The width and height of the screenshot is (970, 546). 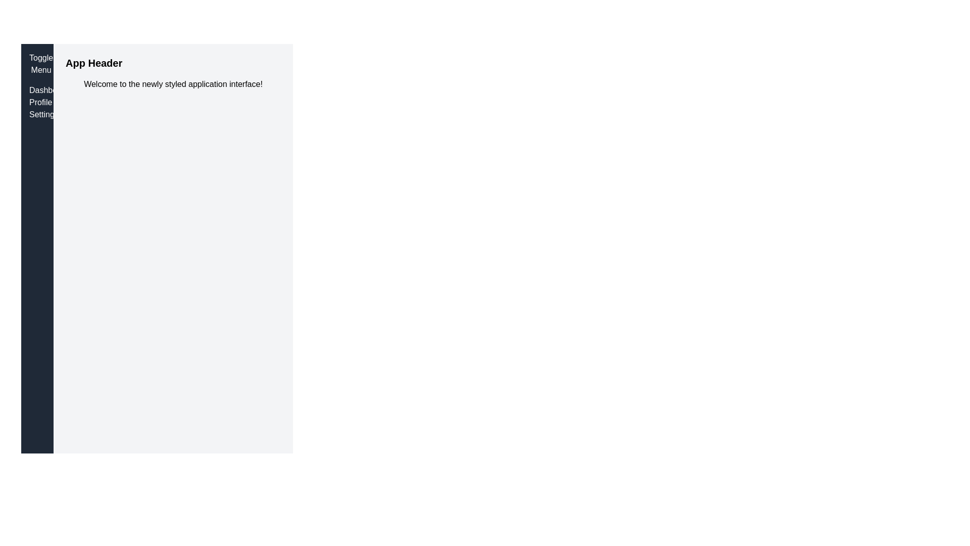 What do you see at coordinates (37, 114) in the screenshot?
I see `text of the third navigation label in the vertical menu, which is related to settings functionality` at bounding box center [37, 114].